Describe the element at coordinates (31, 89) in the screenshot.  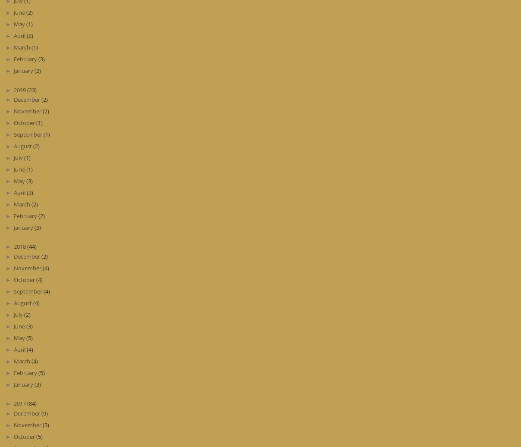
I see `'(23)'` at that location.